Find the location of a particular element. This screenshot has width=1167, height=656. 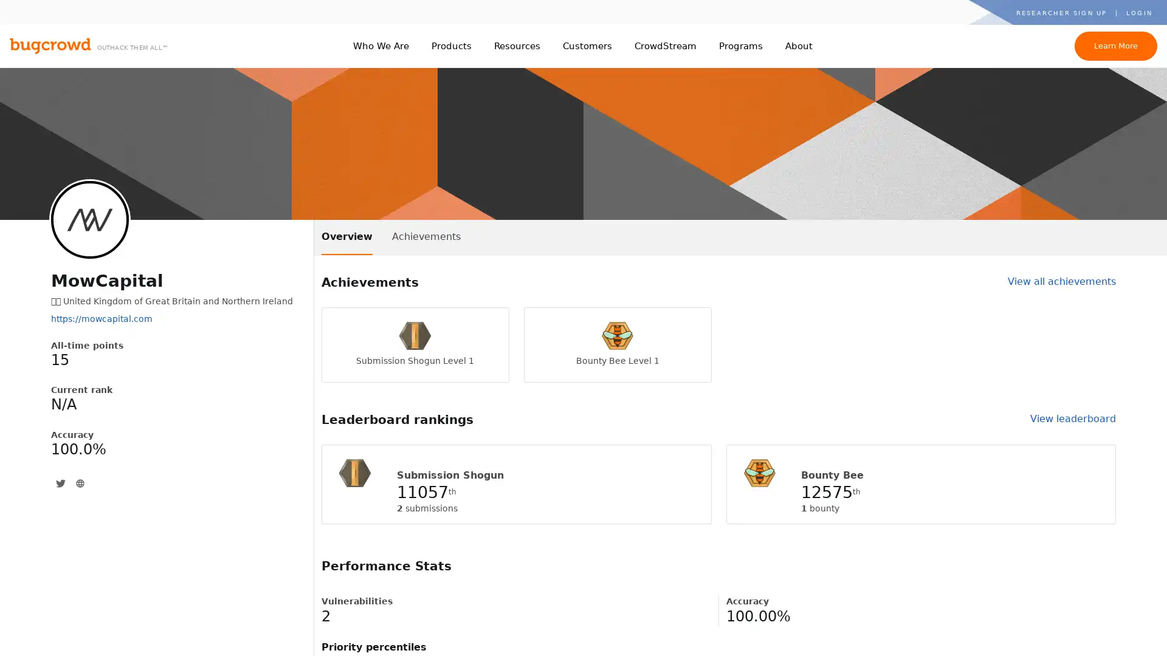

Submission Shogun Level 1 Submission Shogun Level 1 is located at coordinates (415, 344).